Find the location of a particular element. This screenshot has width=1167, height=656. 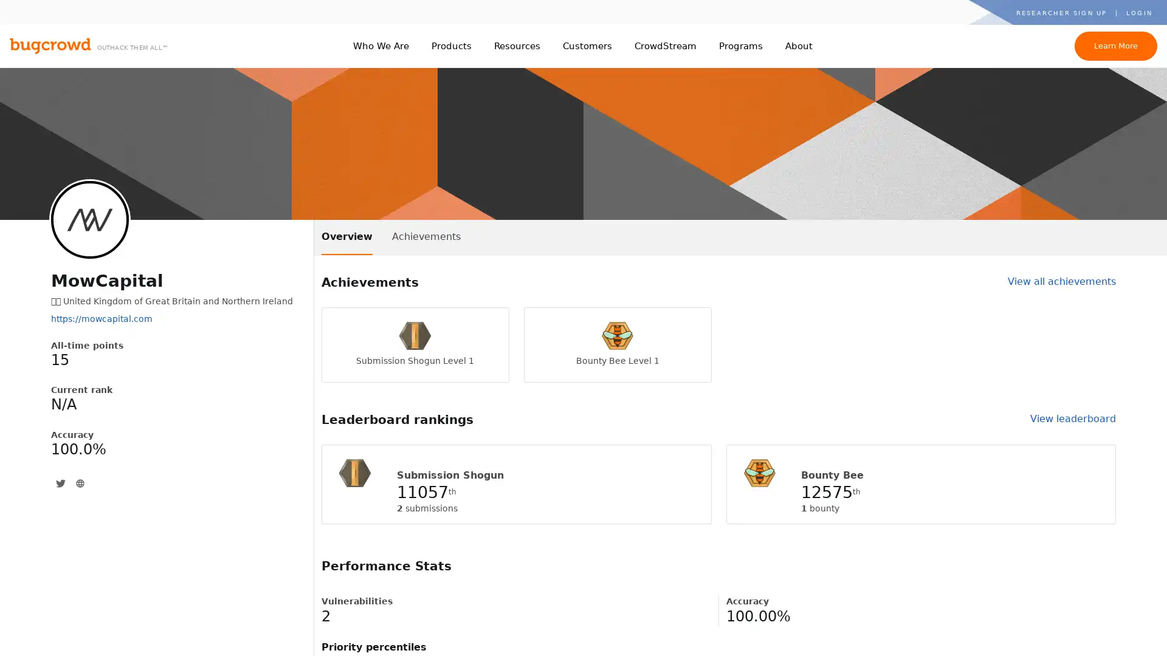

Submission Shogun Level 1 Submission Shogun Level 1 is located at coordinates (415, 344).